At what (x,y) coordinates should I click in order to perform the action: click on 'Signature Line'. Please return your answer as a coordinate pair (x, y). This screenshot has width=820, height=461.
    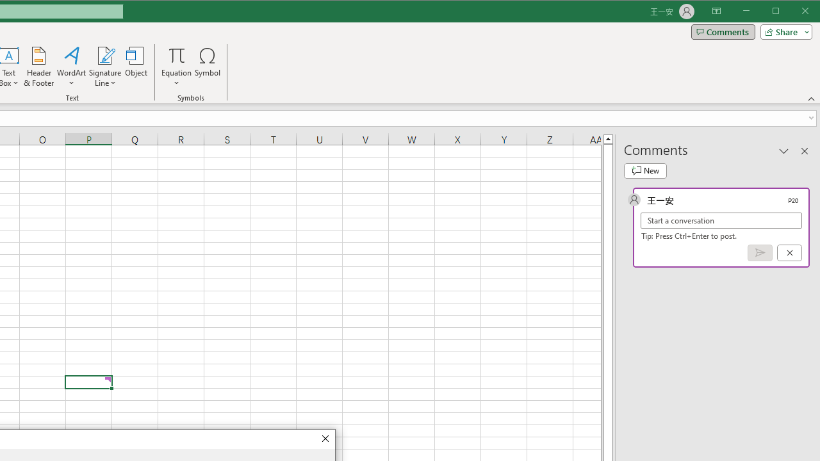
    Looking at the image, I should click on (105, 54).